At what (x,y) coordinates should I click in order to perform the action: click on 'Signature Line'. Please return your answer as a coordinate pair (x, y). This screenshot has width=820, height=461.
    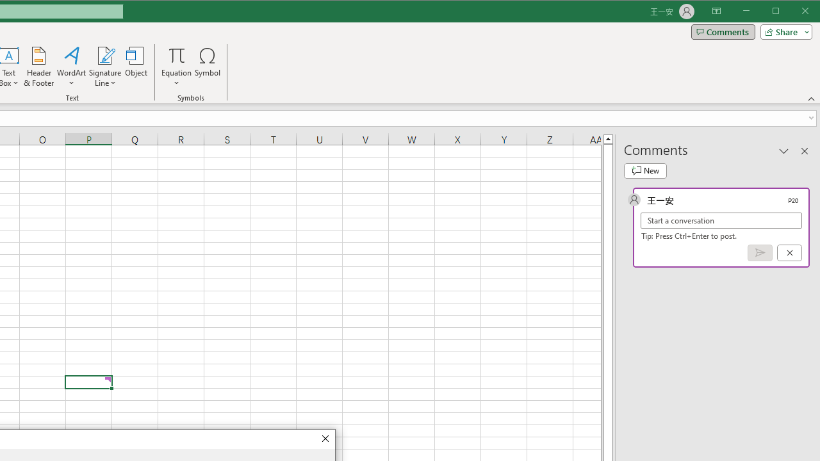
    Looking at the image, I should click on (105, 54).